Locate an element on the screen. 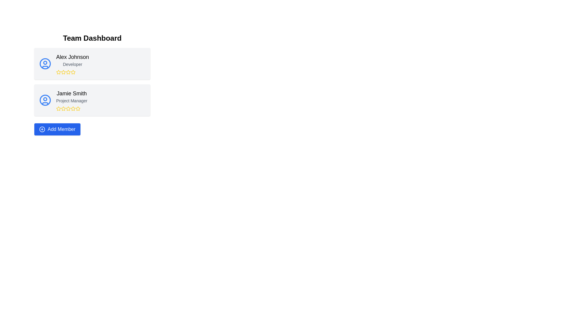 The height and width of the screenshot is (328, 583). the fourth yellow star rating icon under the profile of 'Alex Johnson' is located at coordinates (68, 72).